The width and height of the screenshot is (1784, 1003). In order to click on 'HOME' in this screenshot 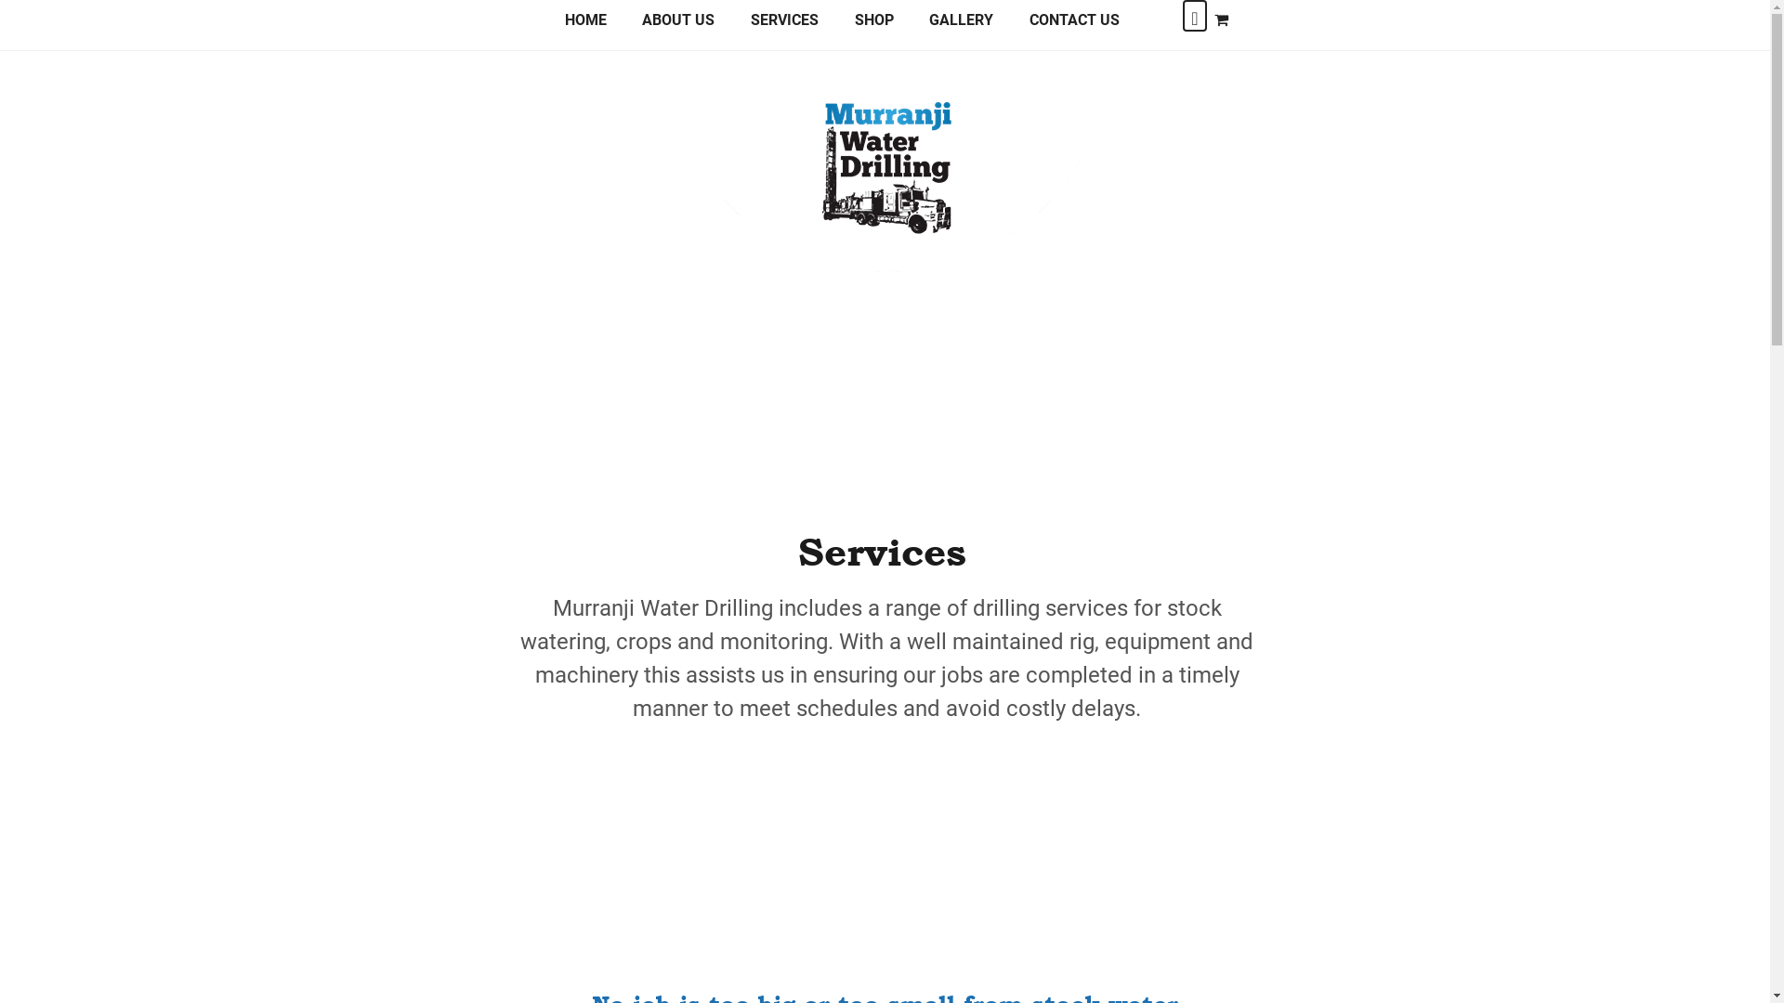, I will do `click(584, 27)`.